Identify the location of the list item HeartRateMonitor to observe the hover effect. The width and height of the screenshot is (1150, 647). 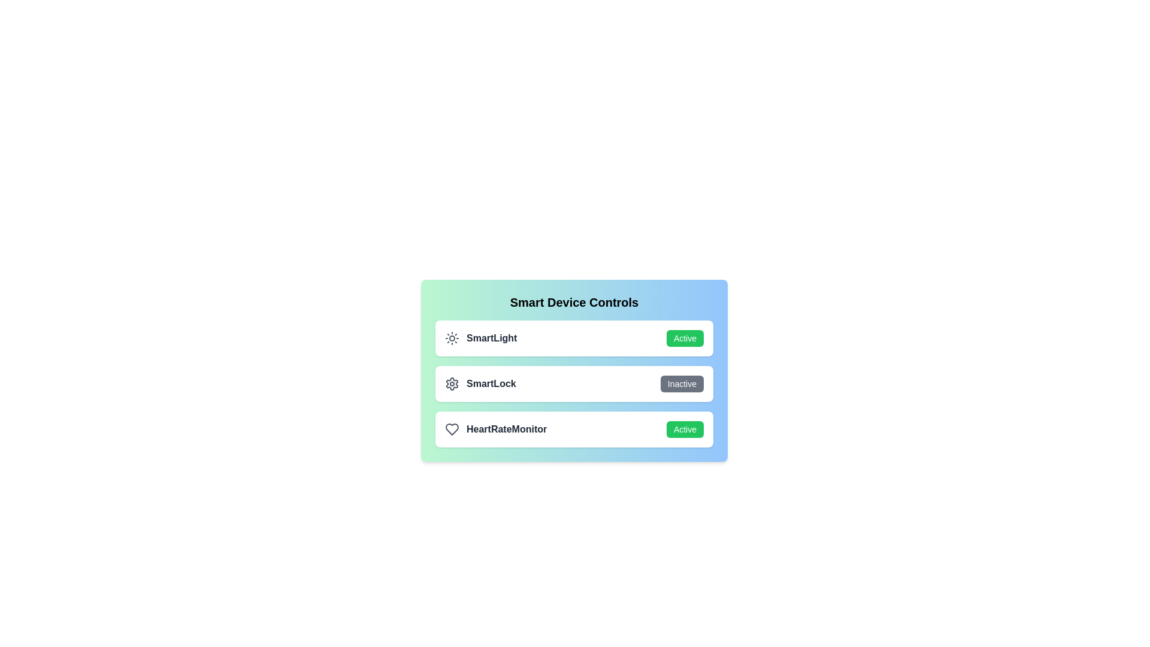
(574, 429).